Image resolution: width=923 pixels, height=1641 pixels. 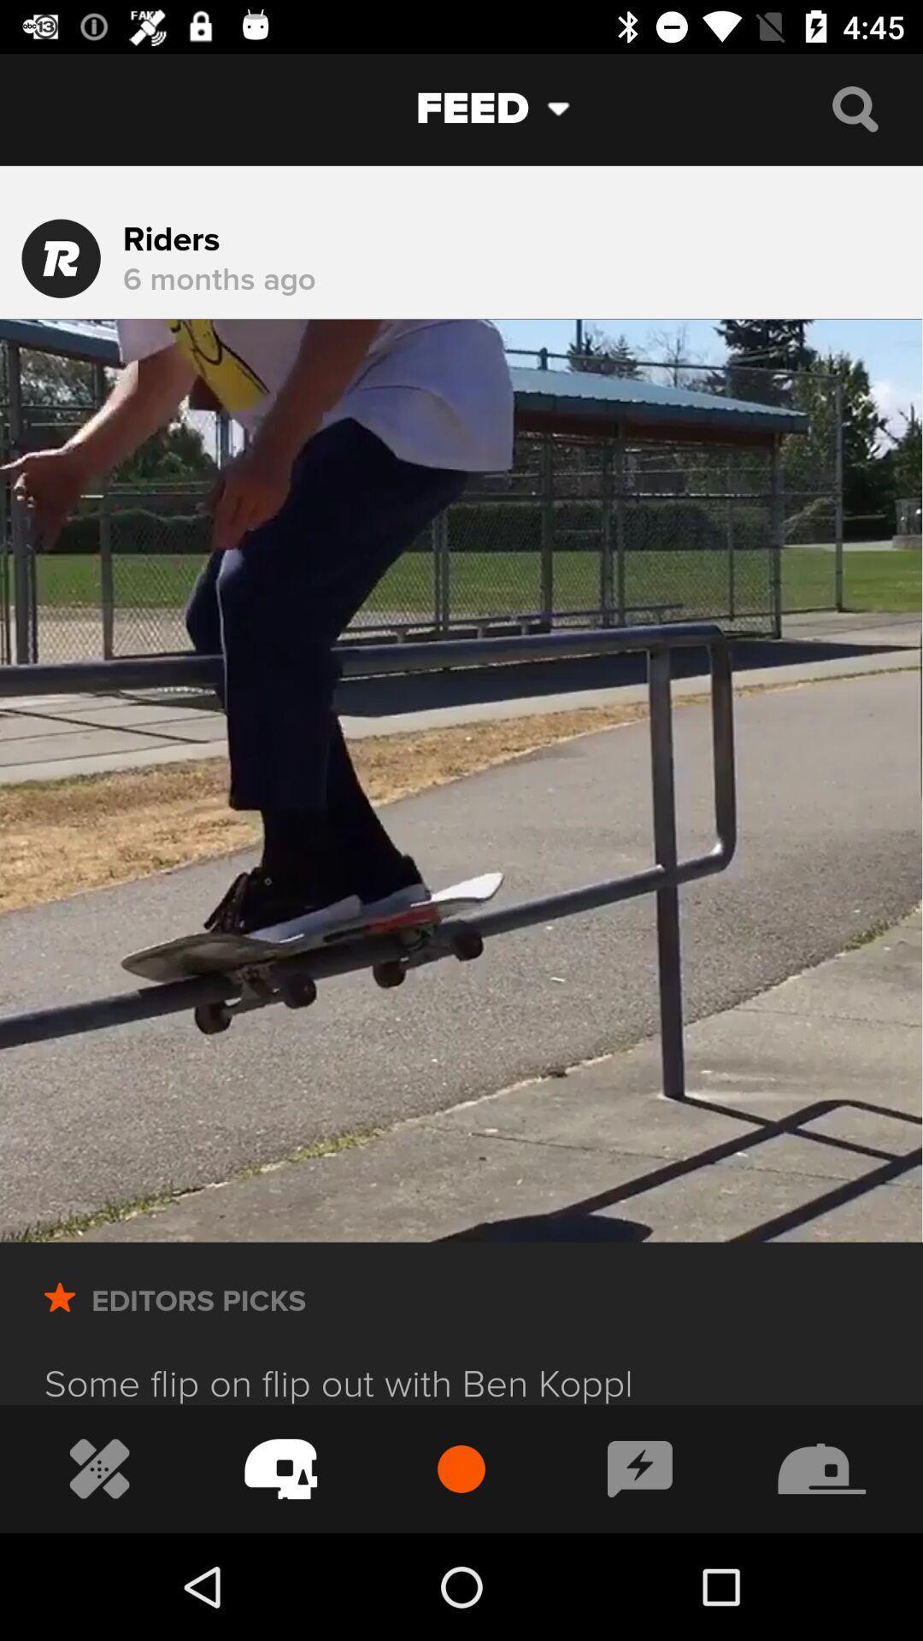 What do you see at coordinates (572, 108) in the screenshot?
I see `the expand_more icon` at bounding box center [572, 108].